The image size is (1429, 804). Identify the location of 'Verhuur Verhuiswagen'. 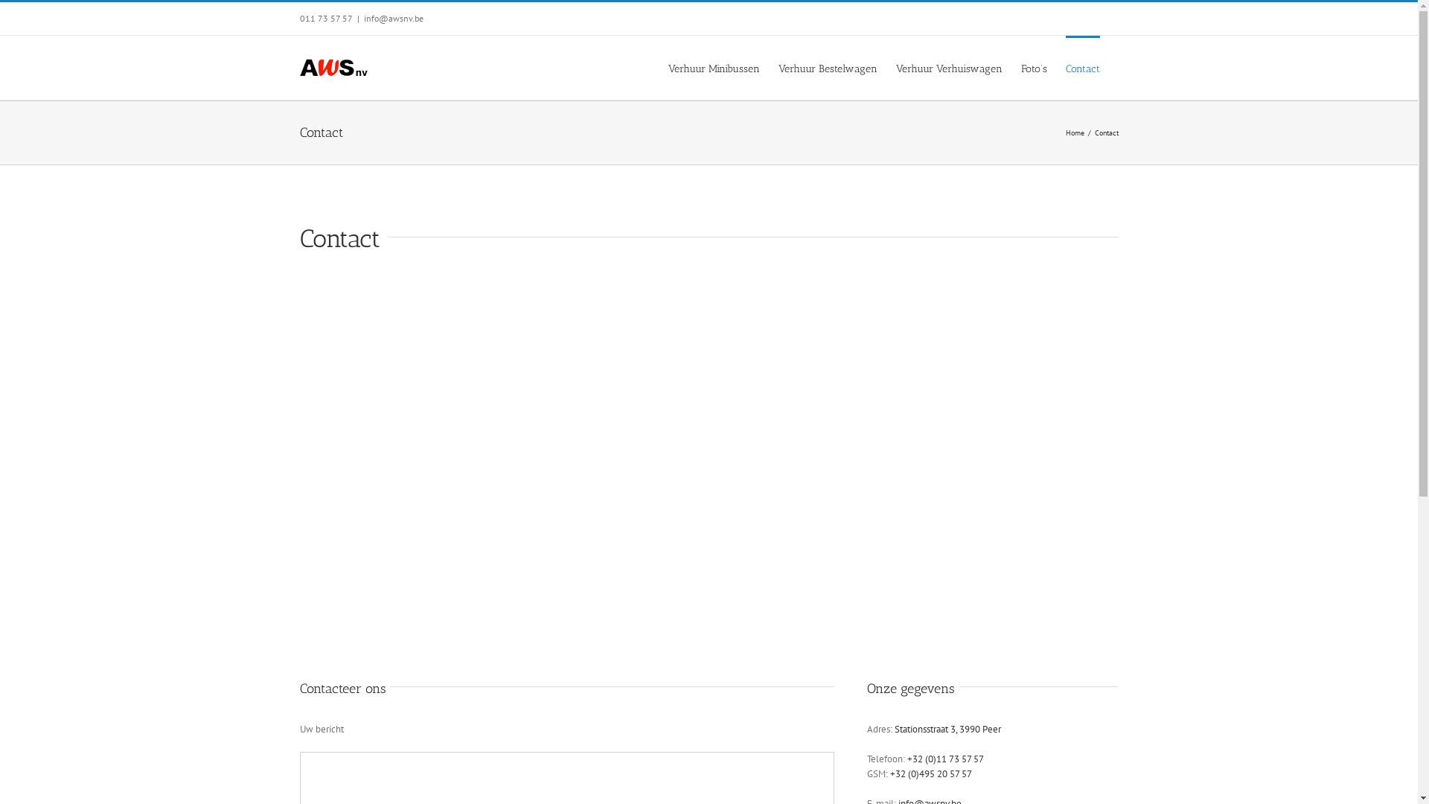
(948, 68).